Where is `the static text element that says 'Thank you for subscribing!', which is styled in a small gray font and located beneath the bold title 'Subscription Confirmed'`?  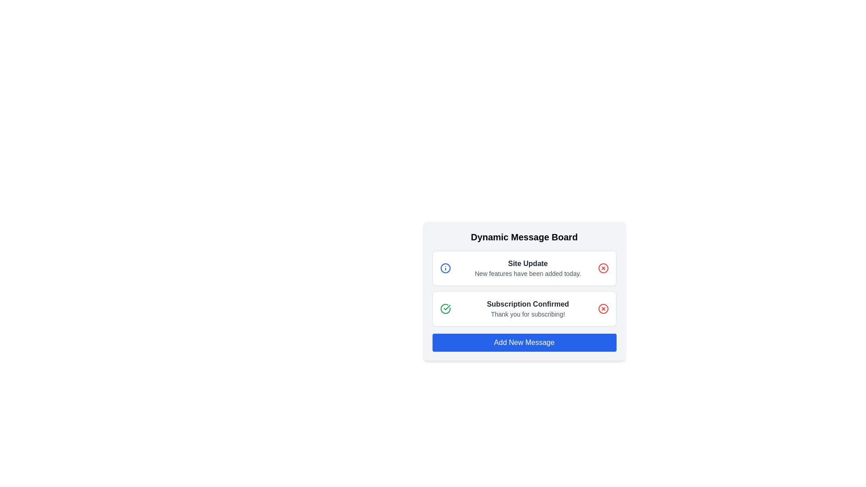
the static text element that says 'Thank you for subscribing!', which is styled in a small gray font and located beneath the bold title 'Subscription Confirmed' is located at coordinates (528, 314).